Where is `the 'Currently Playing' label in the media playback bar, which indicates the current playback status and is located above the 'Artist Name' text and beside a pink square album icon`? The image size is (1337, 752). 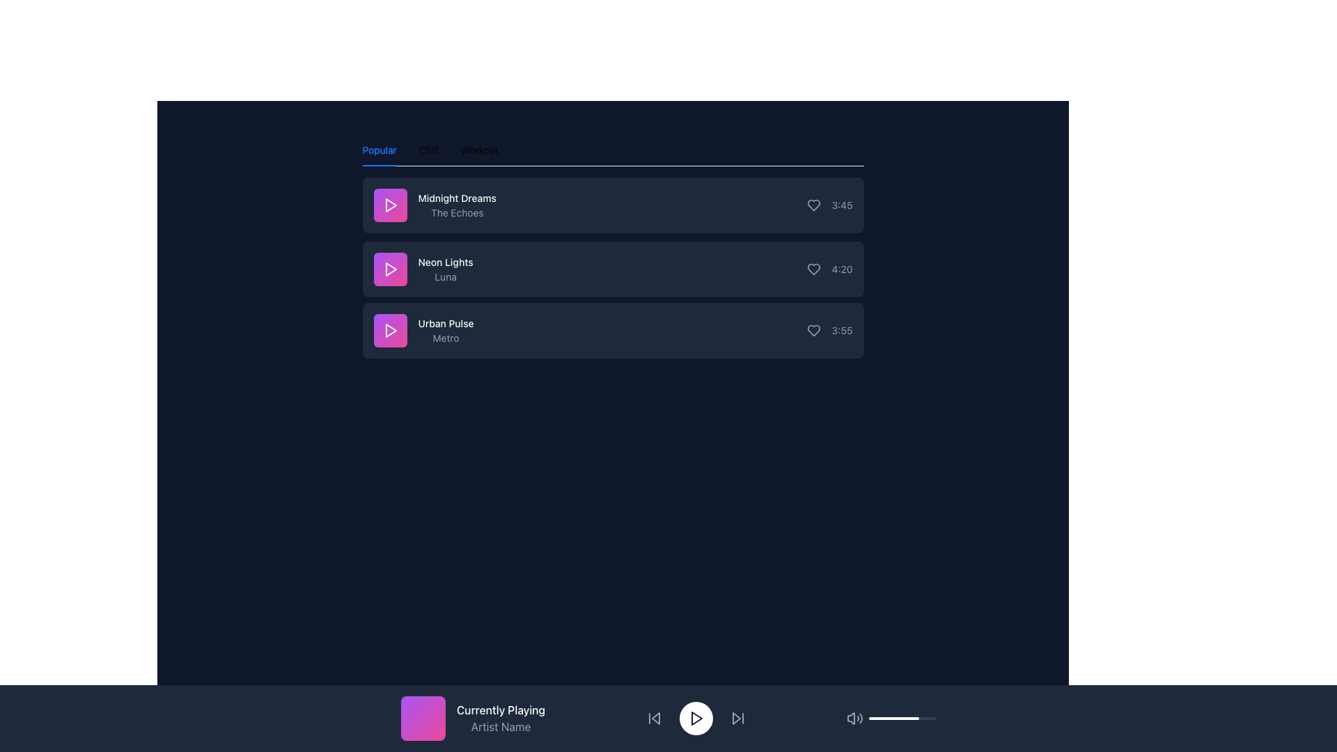
the 'Currently Playing' label in the media playback bar, which indicates the current playback status and is located above the 'Artist Name' text and beside a pink square album icon is located at coordinates (501, 710).